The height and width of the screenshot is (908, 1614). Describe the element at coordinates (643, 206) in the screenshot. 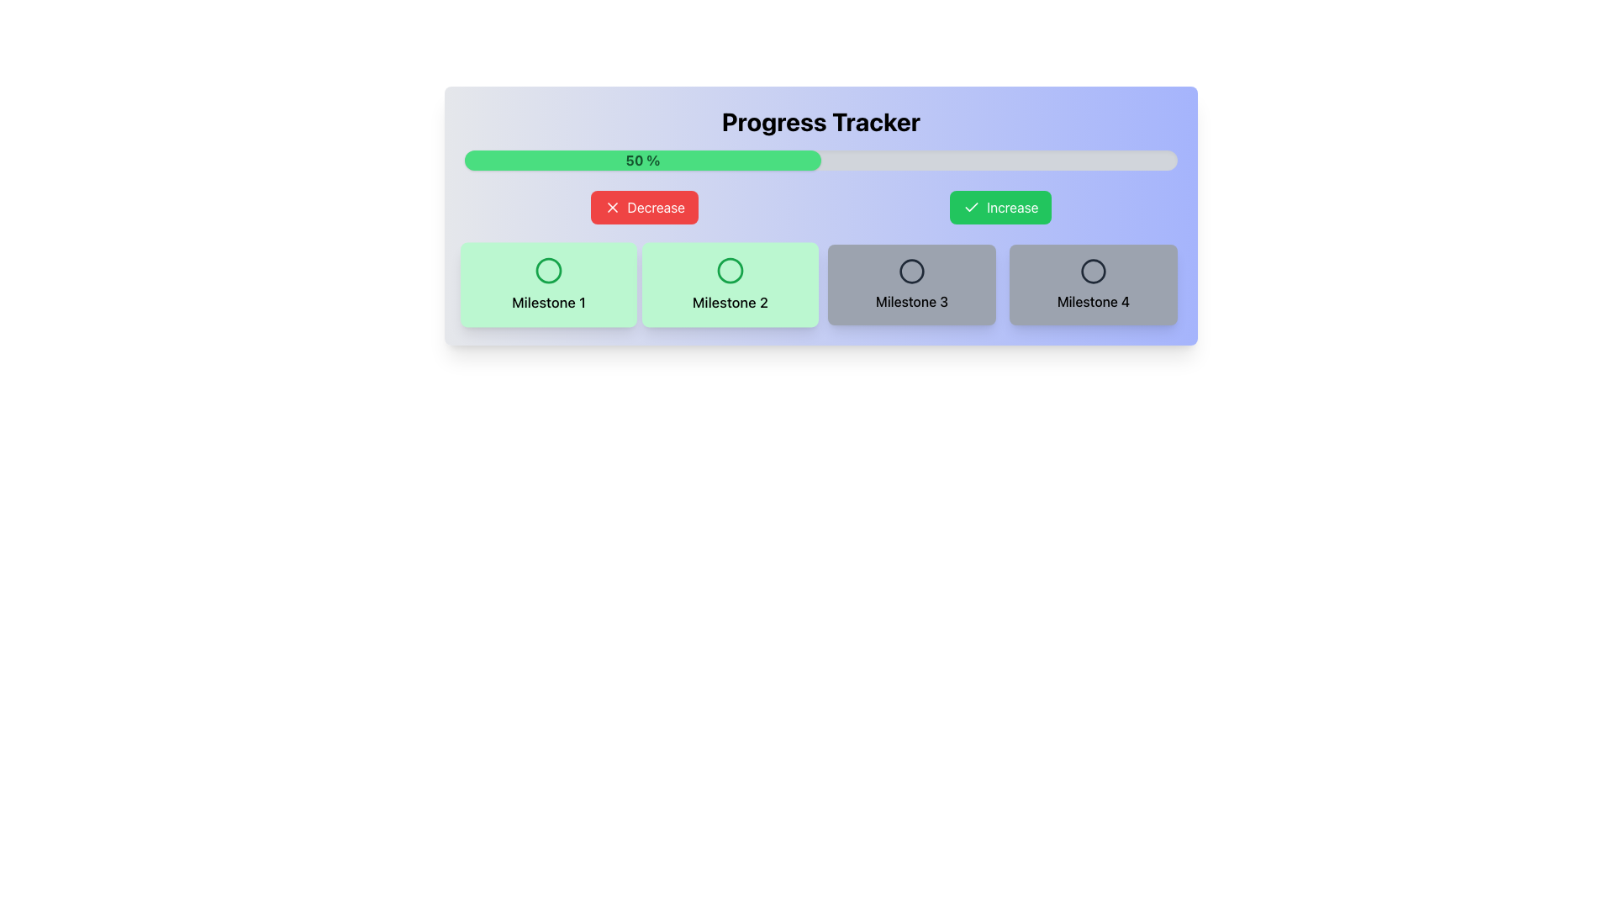

I see `the red 'Decrease' button with rounded edges and white text to observe potential visual changes such as scaling or focus indicators` at that location.